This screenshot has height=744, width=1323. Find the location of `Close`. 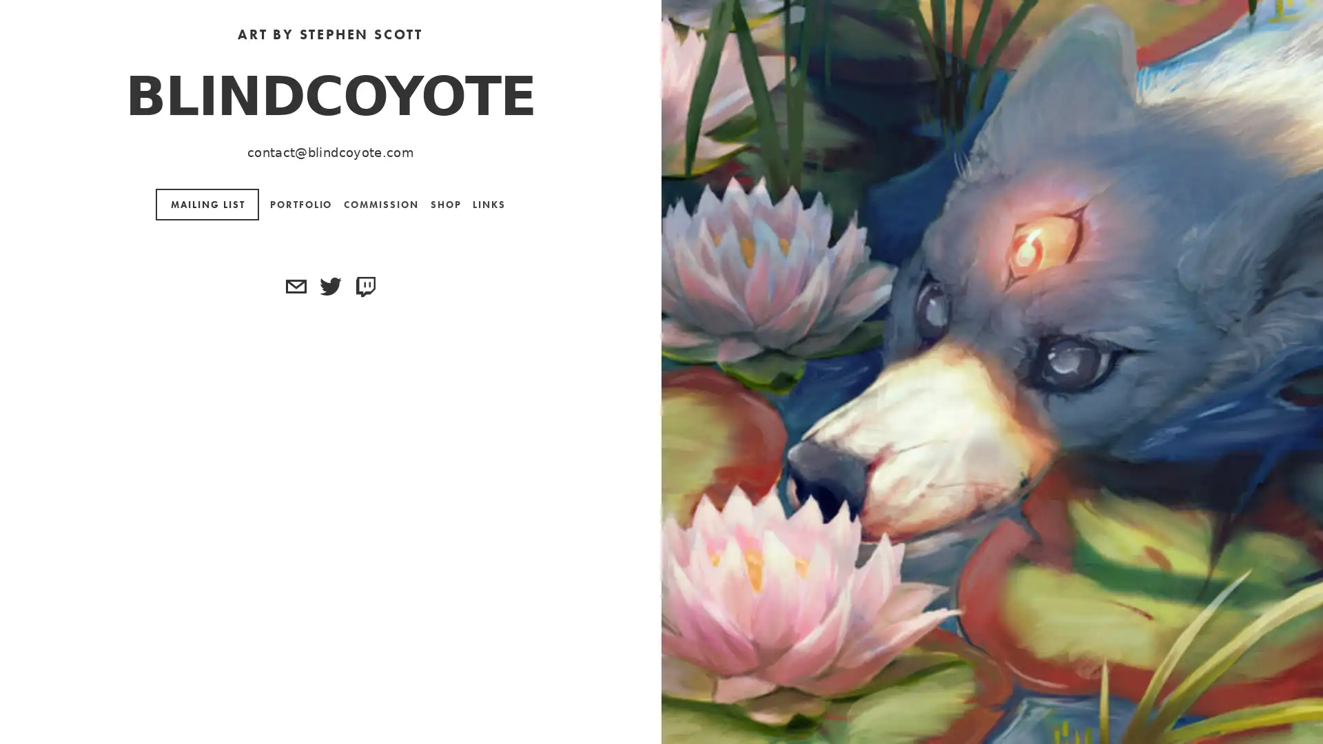

Close is located at coordinates (841, 123).